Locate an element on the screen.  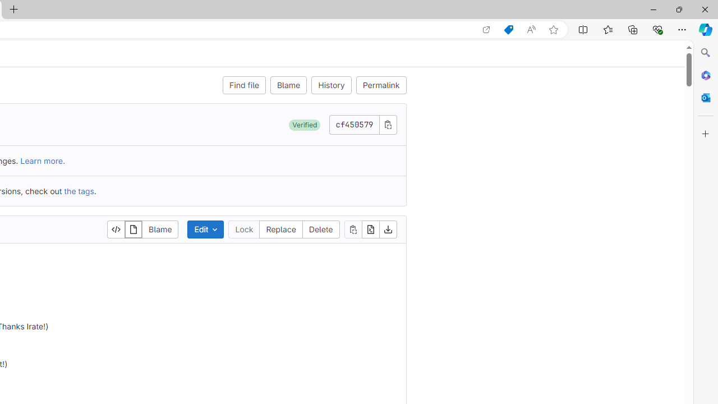
'Shopping in Microsoft Edge' is located at coordinates (508, 29).